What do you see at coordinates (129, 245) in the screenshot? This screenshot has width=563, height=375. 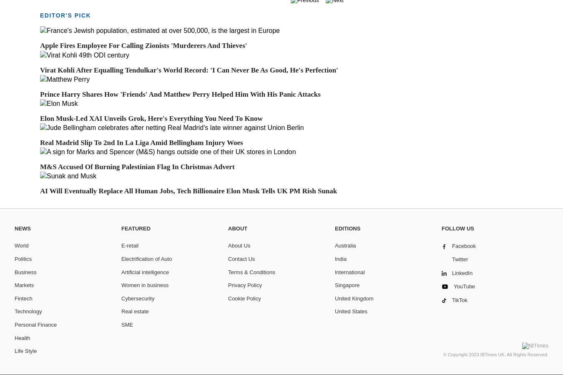 I see `'E-retail'` at bounding box center [129, 245].